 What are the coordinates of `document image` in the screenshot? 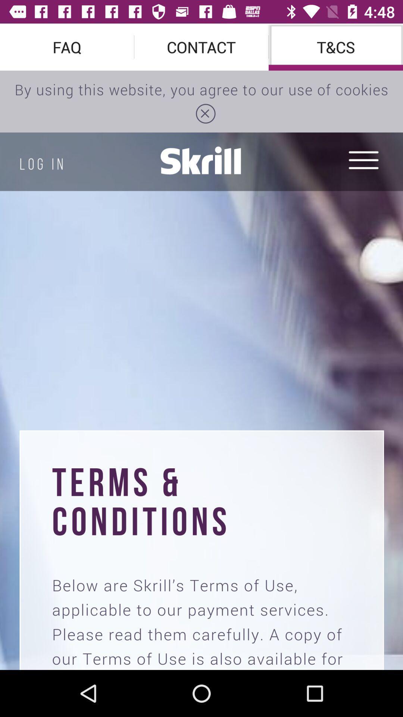 It's located at (201, 370).